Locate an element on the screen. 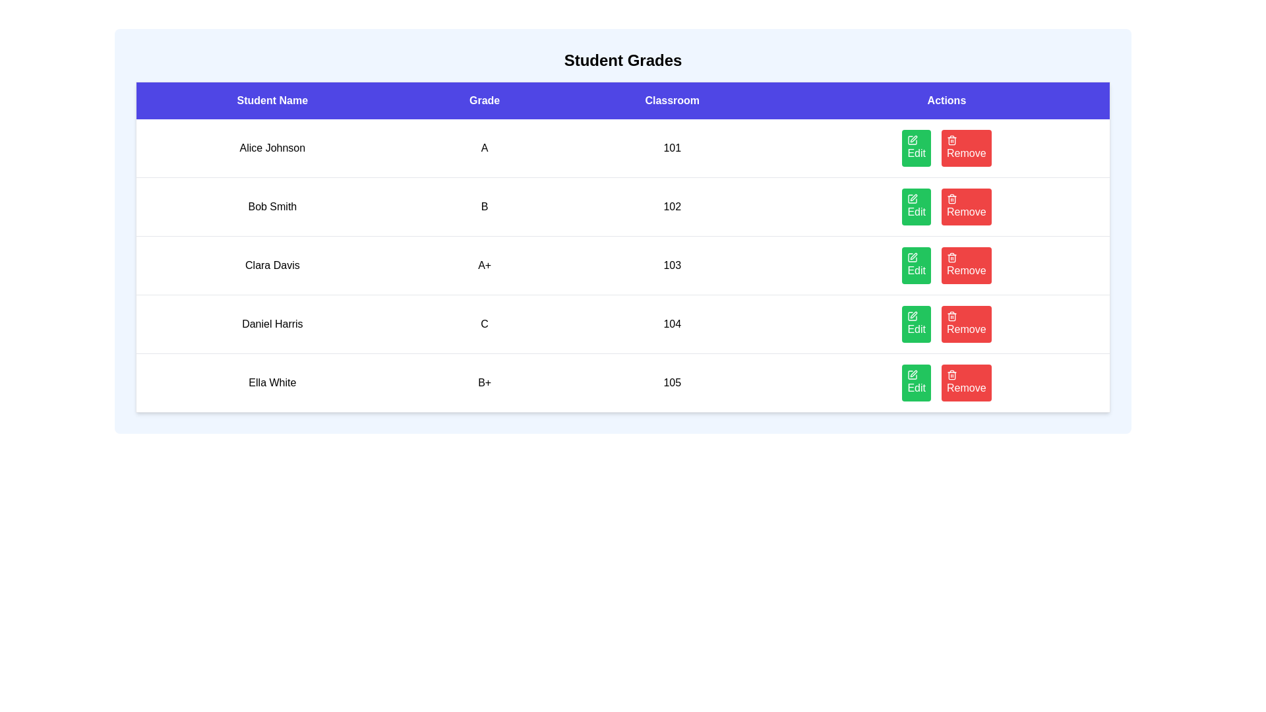  the 'Edit' button for the student named Alice Johnson is located at coordinates (916, 148).